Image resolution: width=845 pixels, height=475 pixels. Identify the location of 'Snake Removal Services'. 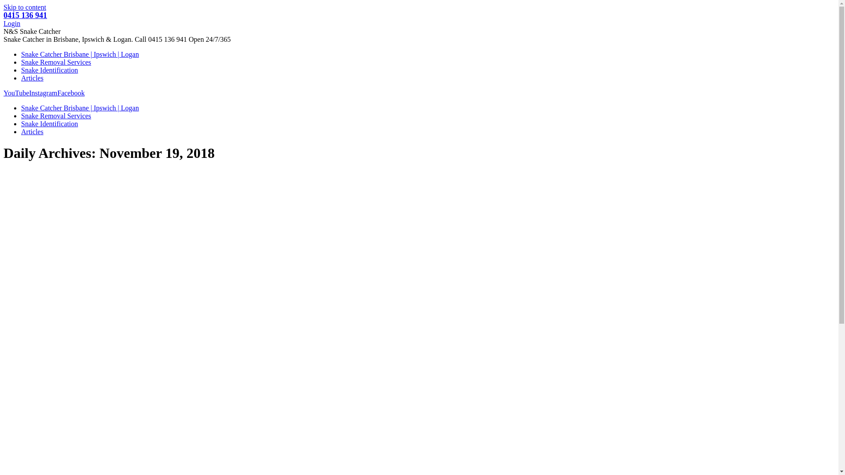
(55, 115).